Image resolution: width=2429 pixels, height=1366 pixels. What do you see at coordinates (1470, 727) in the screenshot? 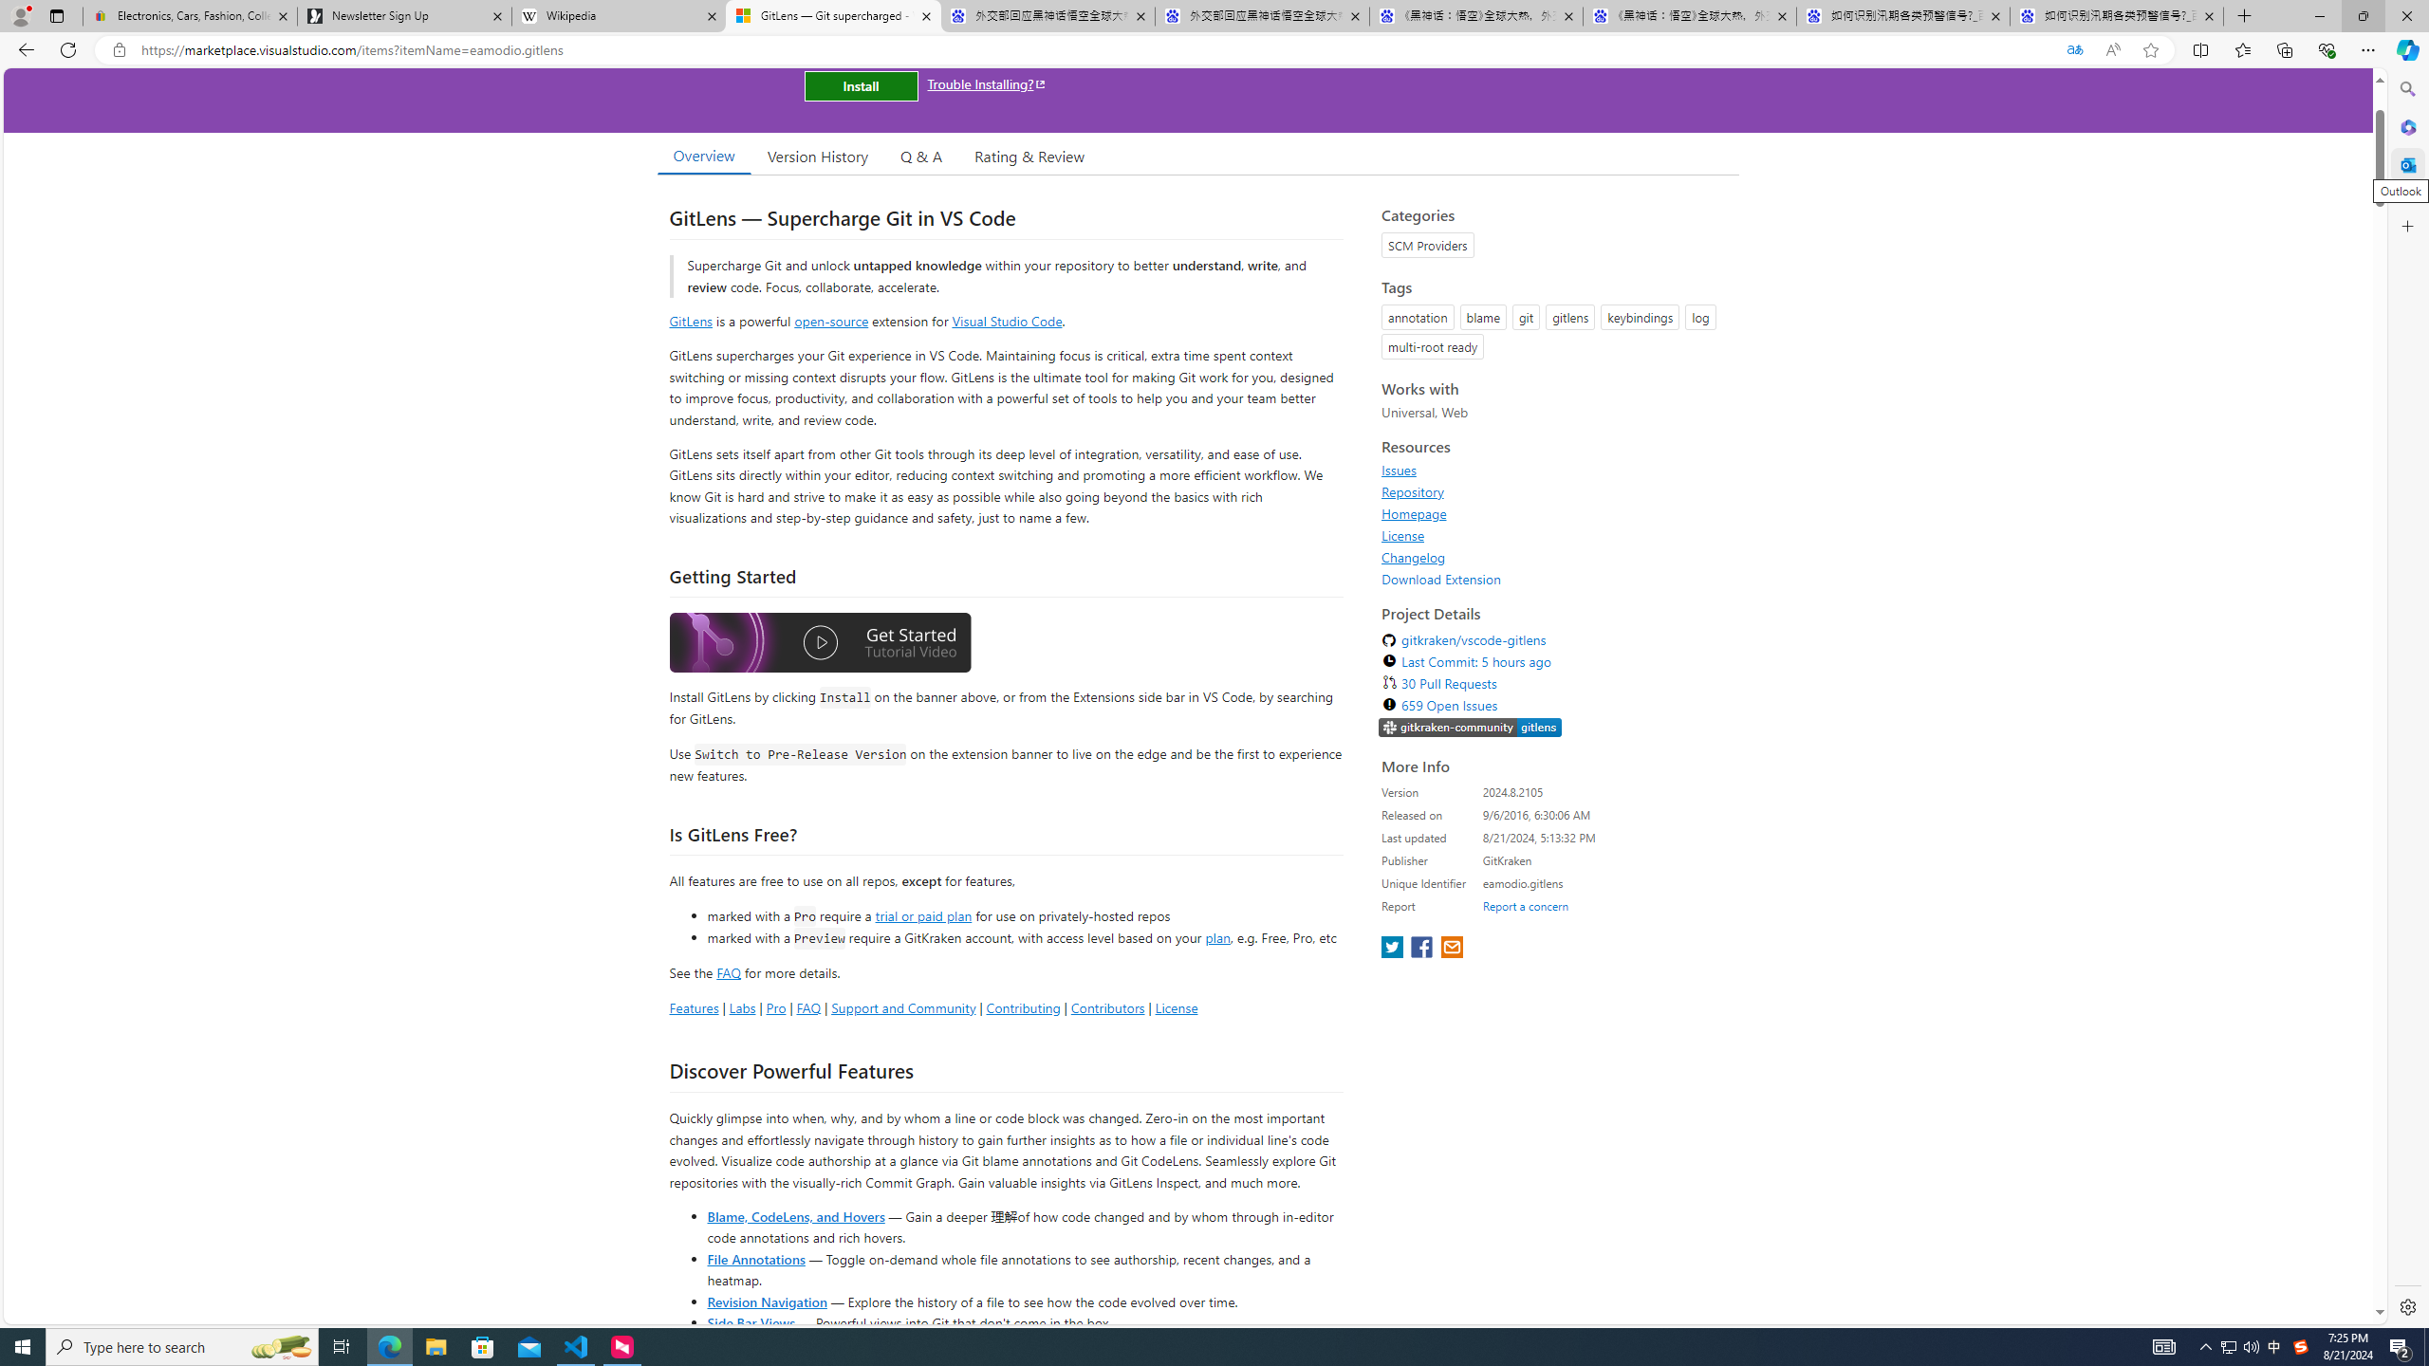
I see `'https://slack.gitkraken.com//'` at bounding box center [1470, 727].